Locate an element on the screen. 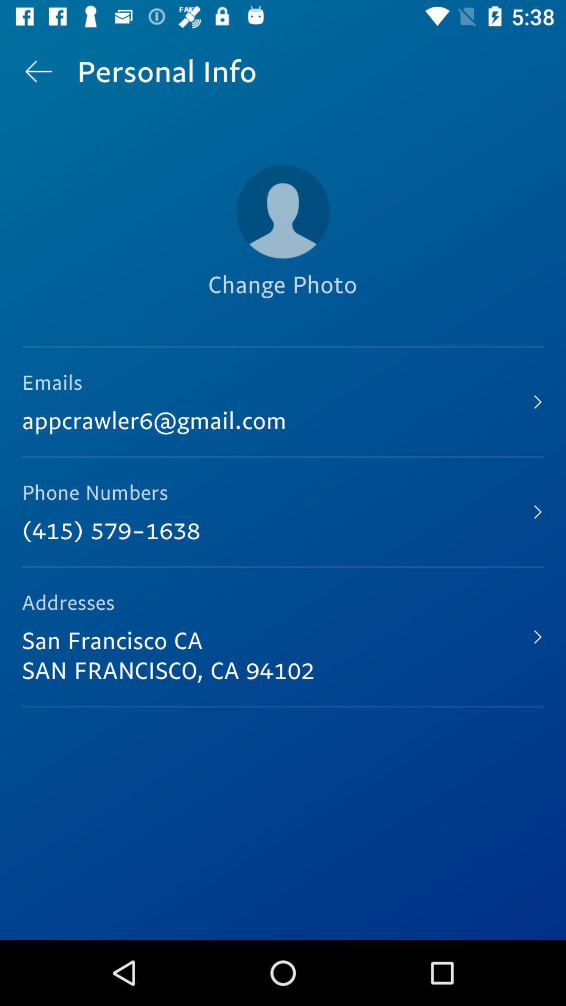 The height and width of the screenshot is (1006, 566). the change photo item is located at coordinates (282, 302).